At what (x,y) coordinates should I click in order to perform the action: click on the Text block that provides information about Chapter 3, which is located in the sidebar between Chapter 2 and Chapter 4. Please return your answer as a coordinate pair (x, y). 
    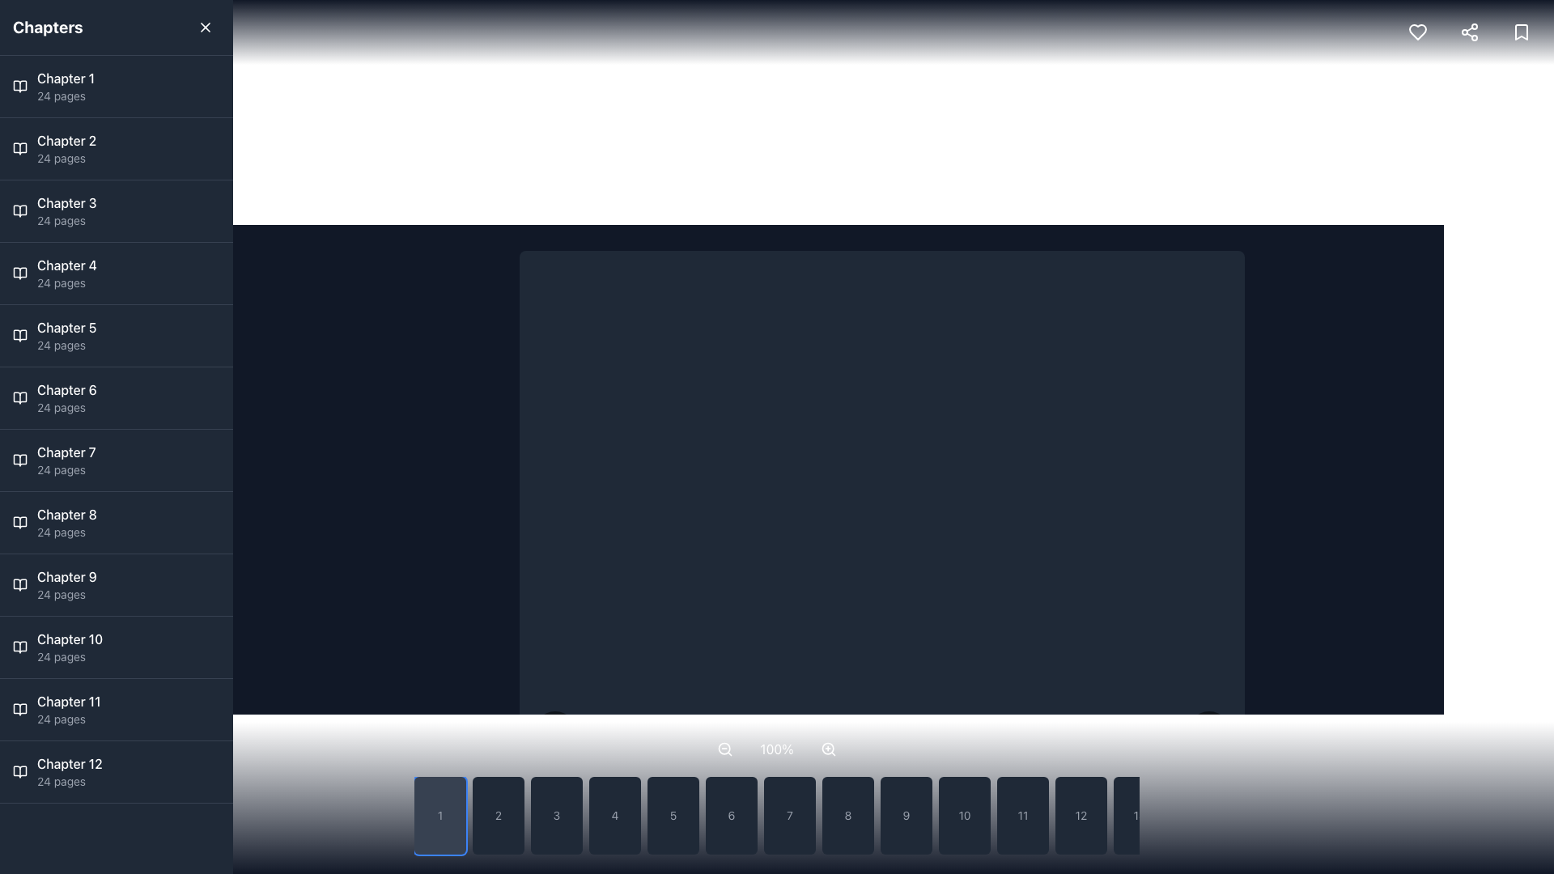
    Looking at the image, I should click on (66, 210).